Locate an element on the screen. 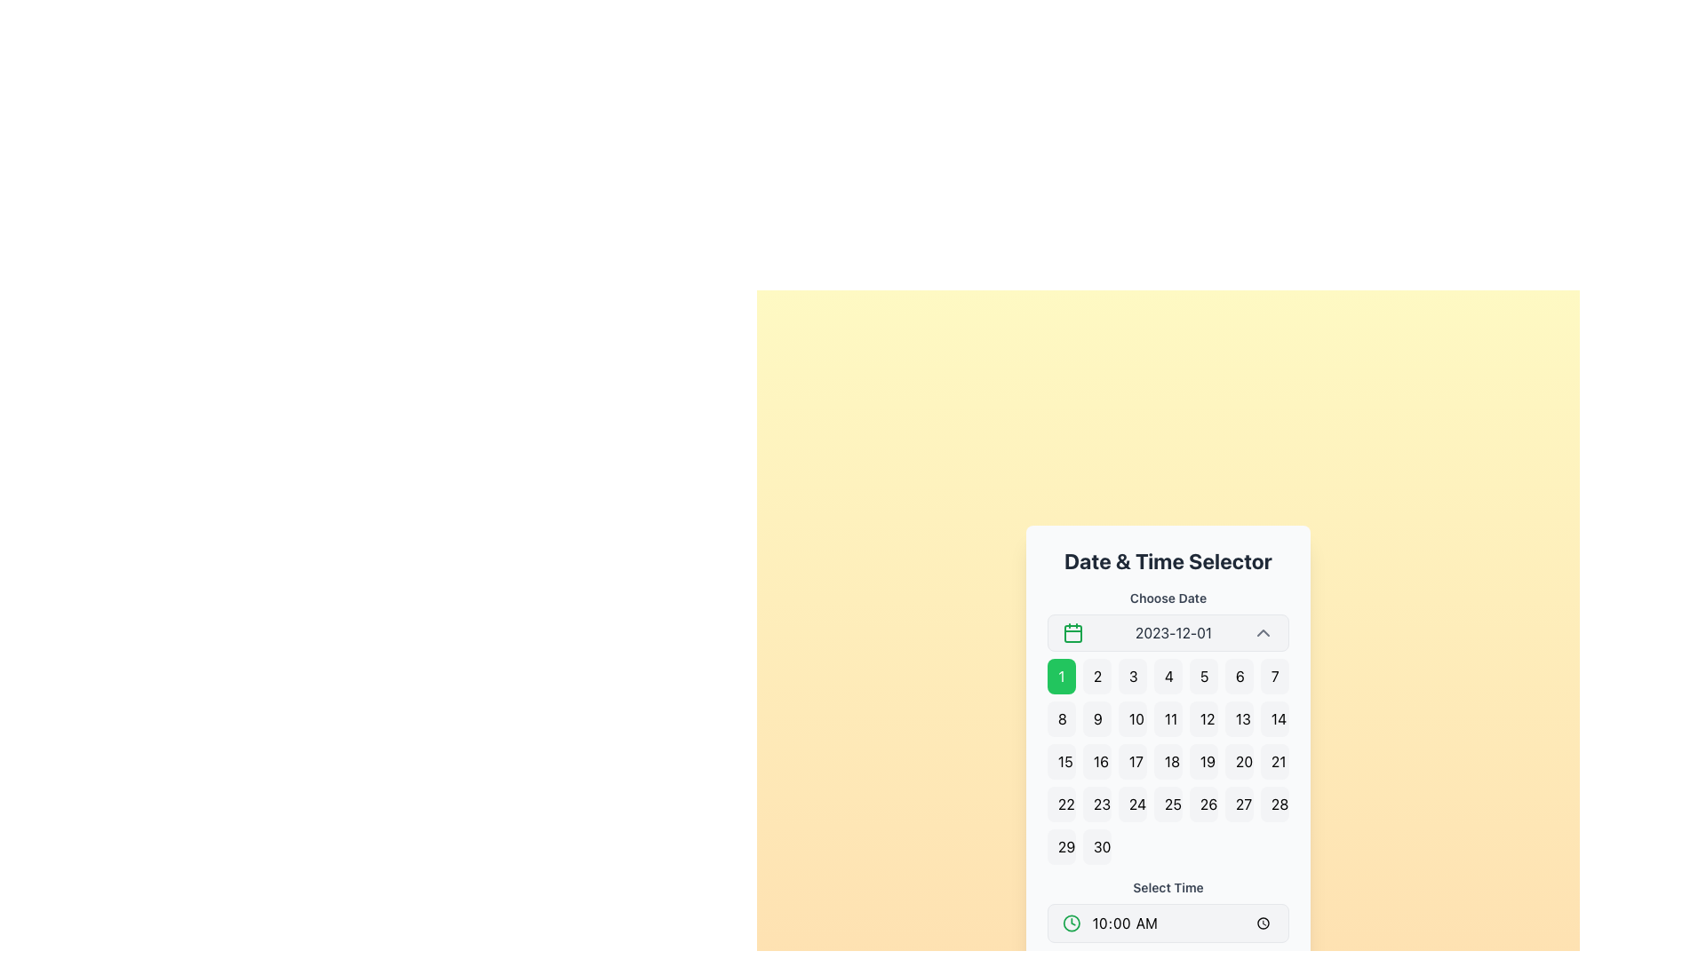 Image resolution: width=1706 pixels, height=959 pixels. the button displaying the number '17' in black text with a light gray background is located at coordinates (1132, 760).